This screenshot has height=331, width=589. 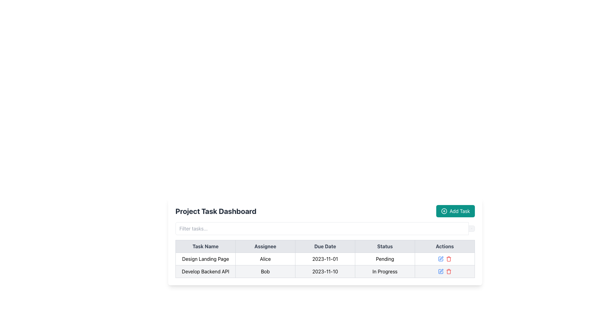 I want to click on the red trash can icon in the 'Actions' column of the second row, so click(x=449, y=271).